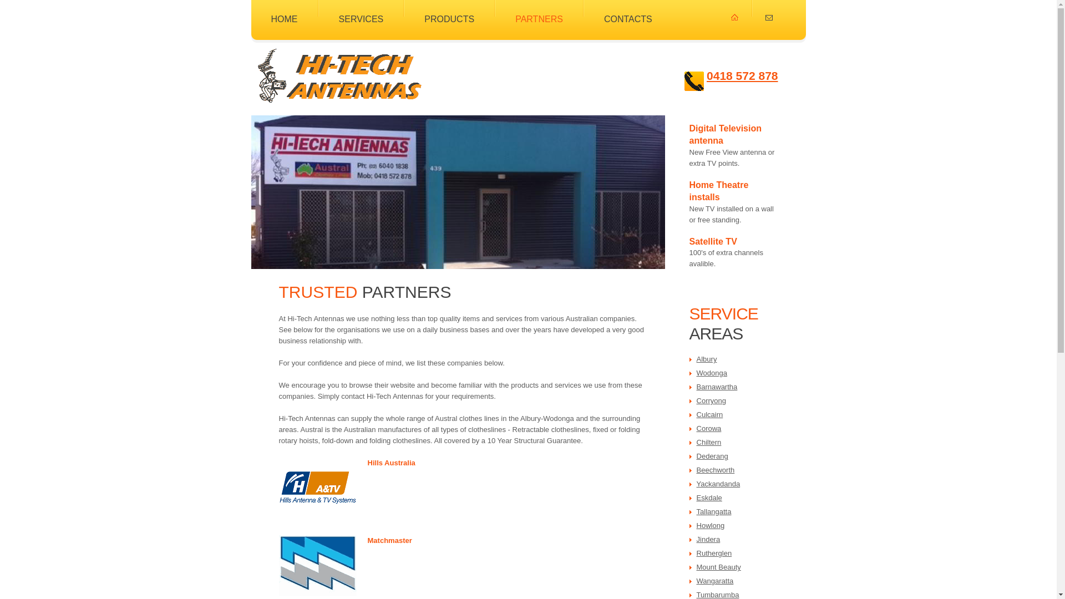 This screenshot has height=599, width=1065. What do you see at coordinates (711, 525) in the screenshot?
I see `'Howlong'` at bounding box center [711, 525].